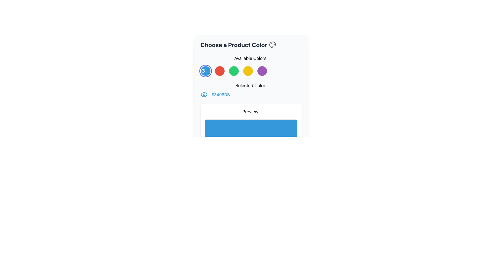 This screenshot has width=485, height=272. I want to click on the blue circular radio button with a white border and checkmark icon, so click(205, 71).